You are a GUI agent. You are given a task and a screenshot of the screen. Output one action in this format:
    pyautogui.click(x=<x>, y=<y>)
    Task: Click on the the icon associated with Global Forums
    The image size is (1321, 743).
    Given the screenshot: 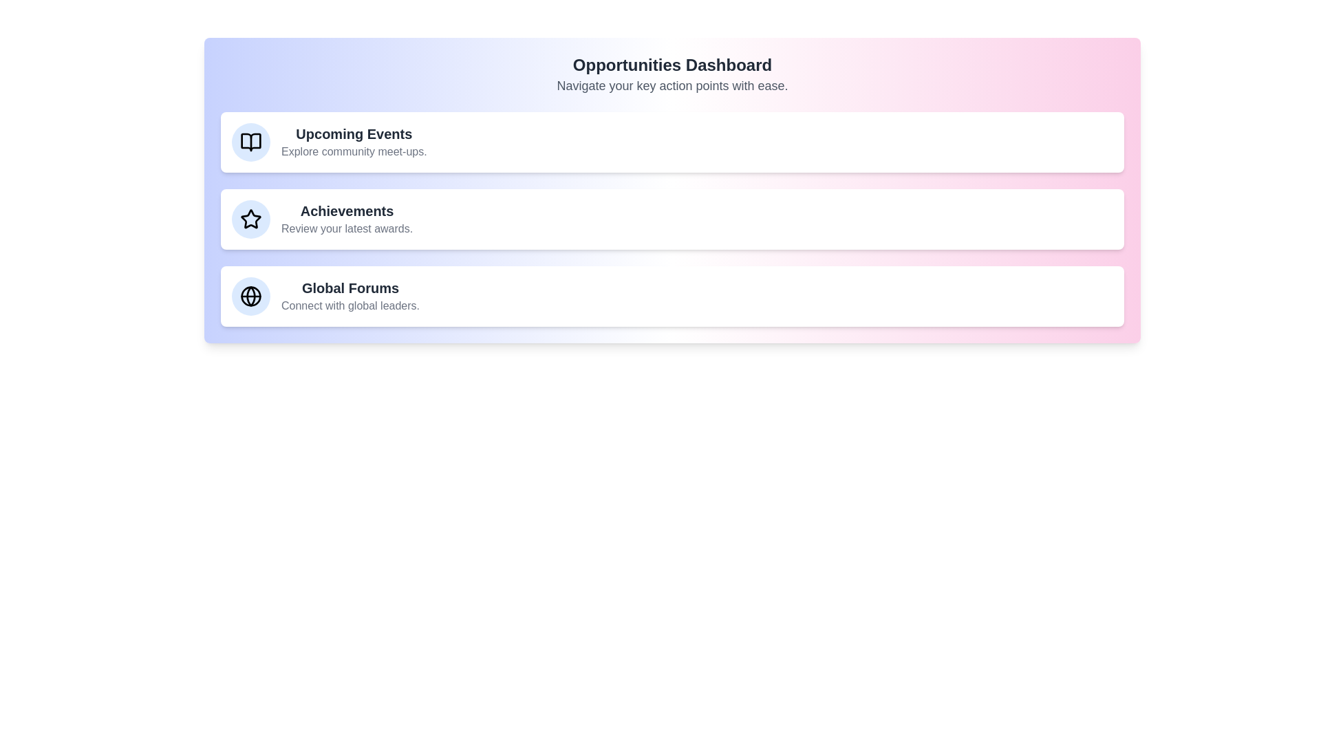 What is the action you would take?
    pyautogui.click(x=250, y=296)
    